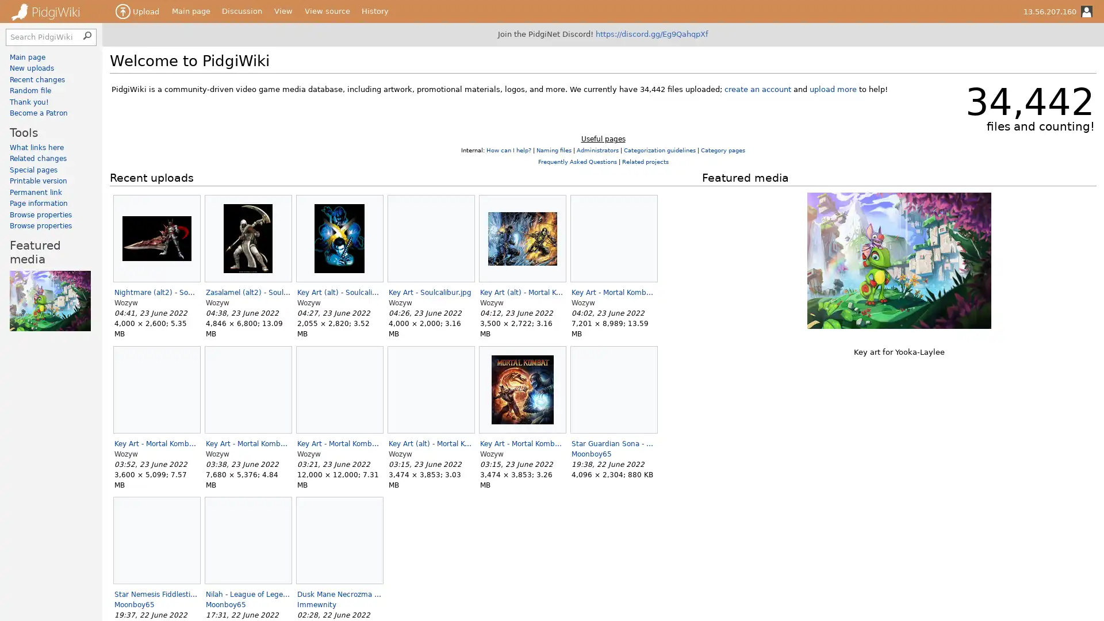  I want to click on Search, so click(88, 34).